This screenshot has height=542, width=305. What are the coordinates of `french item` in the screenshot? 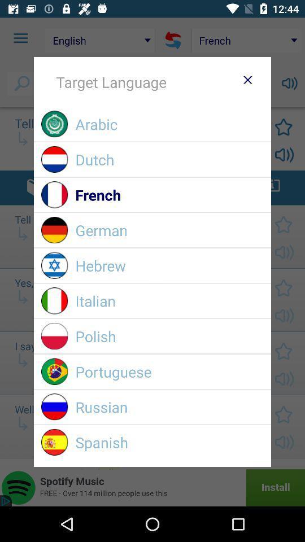 It's located at (169, 195).